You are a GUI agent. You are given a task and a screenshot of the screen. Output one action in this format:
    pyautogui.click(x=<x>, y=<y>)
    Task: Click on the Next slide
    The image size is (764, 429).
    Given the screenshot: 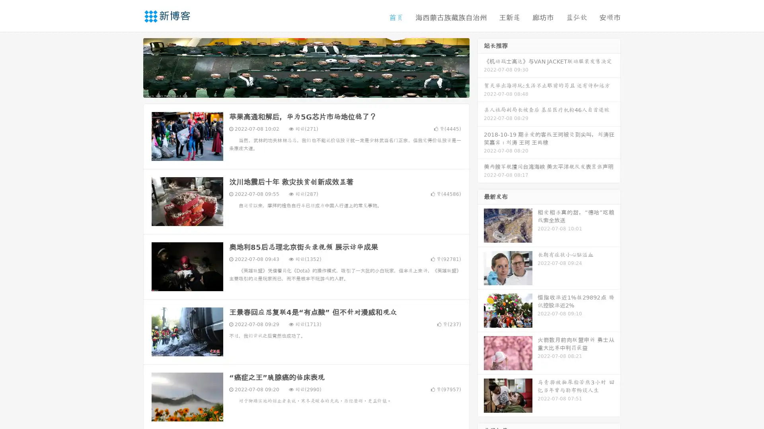 What is the action you would take?
    pyautogui.click(x=481, y=67)
    